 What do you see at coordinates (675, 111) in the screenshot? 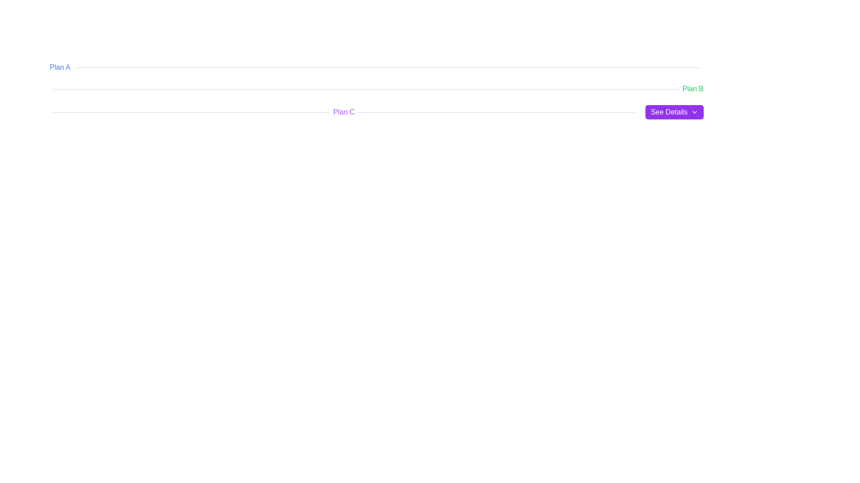
I see `the button located on the rightmost side of the row dedicated to 'Plan C'` at bounding box center [675, 111].